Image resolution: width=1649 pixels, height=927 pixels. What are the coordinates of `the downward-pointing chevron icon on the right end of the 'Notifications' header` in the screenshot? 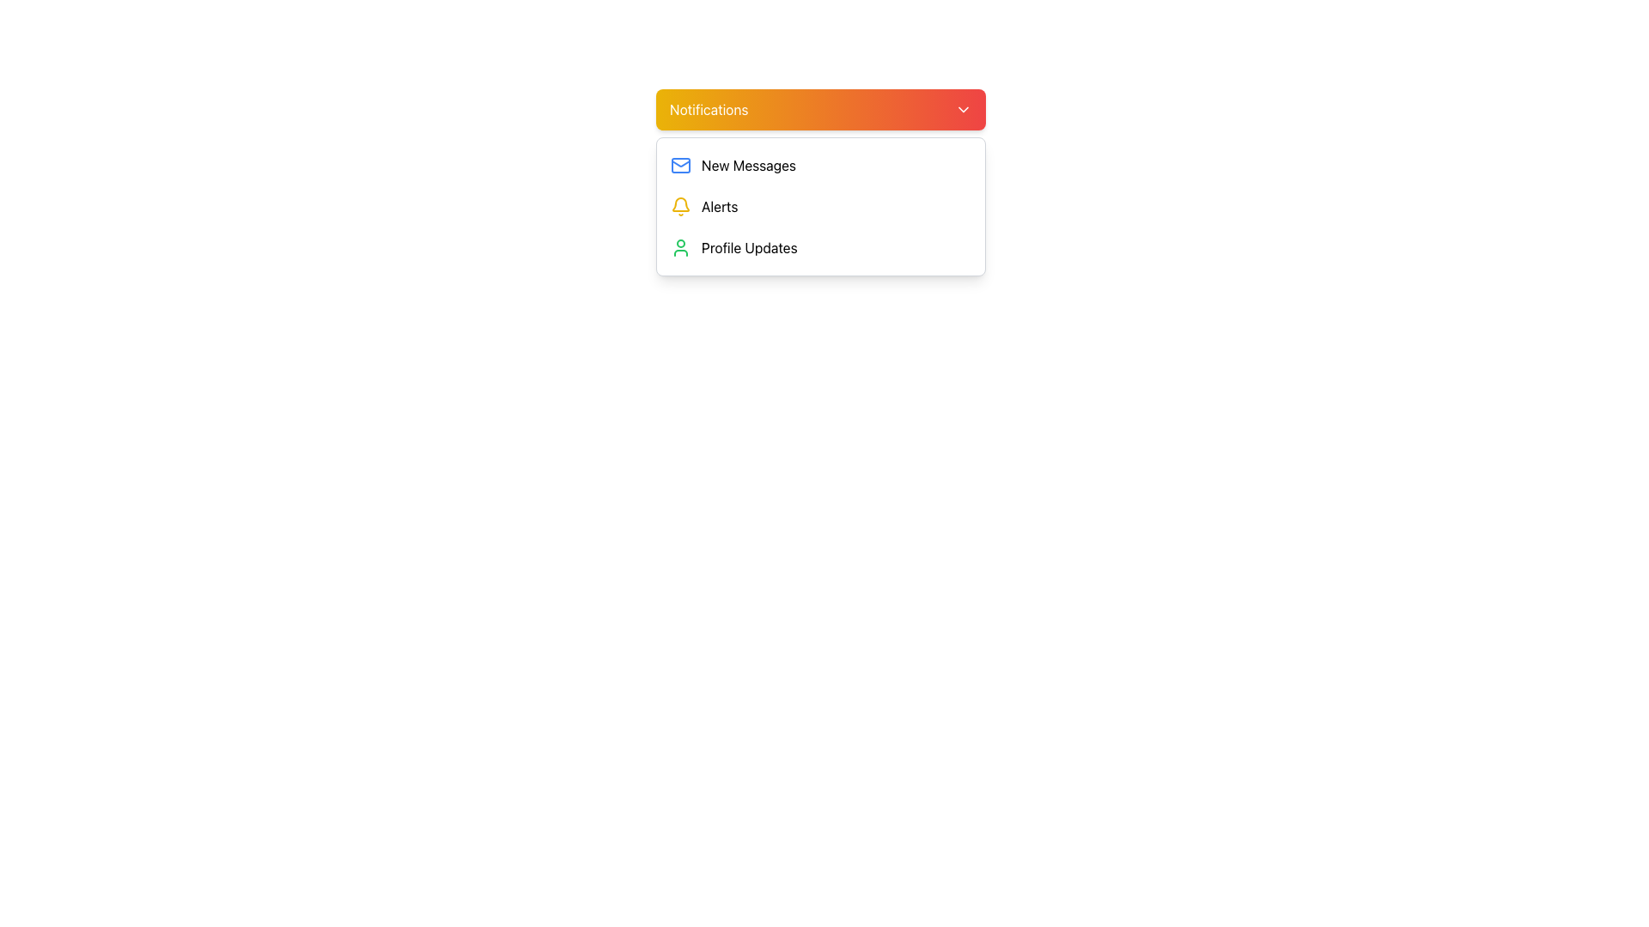 It's located at (964, 109).